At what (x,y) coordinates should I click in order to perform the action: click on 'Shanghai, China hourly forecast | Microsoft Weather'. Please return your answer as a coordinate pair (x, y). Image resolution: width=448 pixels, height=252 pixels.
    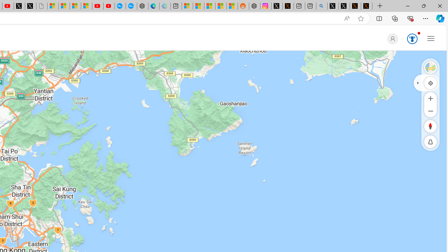
    Looking at the image, I should click on (209, 6).